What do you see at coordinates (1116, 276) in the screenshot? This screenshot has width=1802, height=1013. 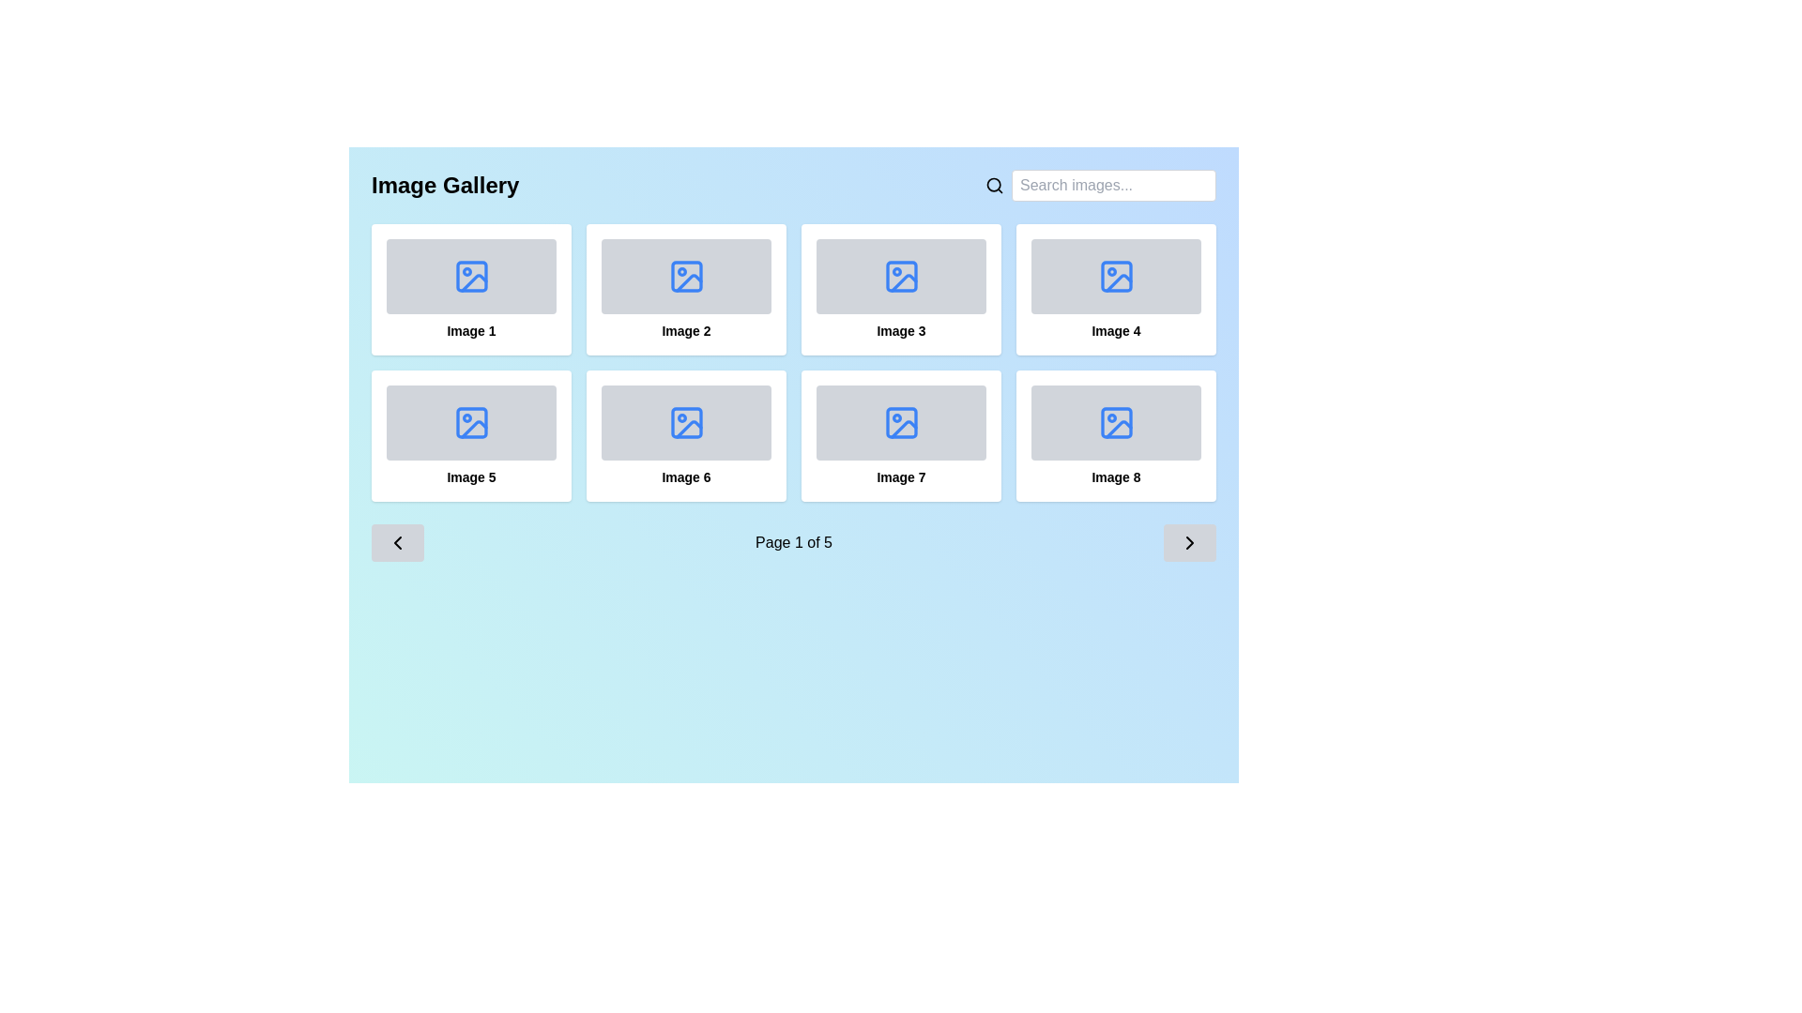 I see `the blue SVG icon resembling an image thumbnail with a mountain and a sun inside the rectangular outline` at bounding box center [1116, 276].